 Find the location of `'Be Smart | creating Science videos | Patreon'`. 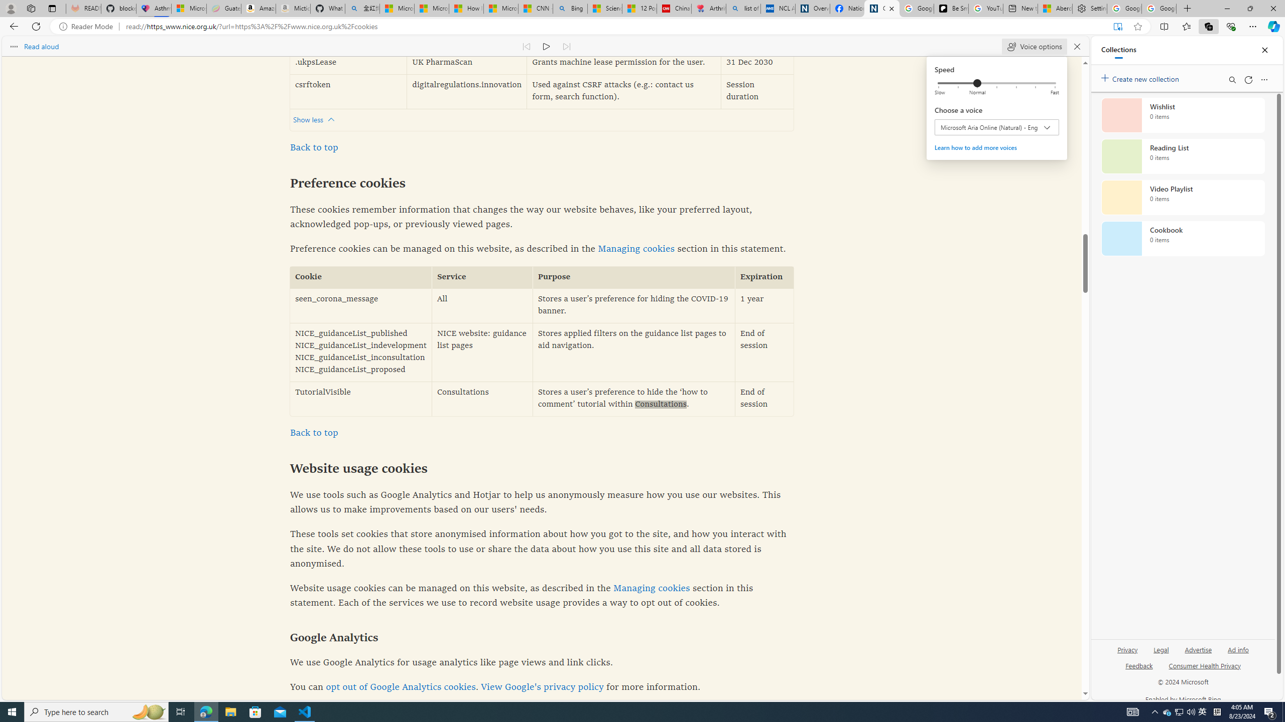

'Be Smart | creating Science videos | Patreon' is located at coordinates (950, 8).